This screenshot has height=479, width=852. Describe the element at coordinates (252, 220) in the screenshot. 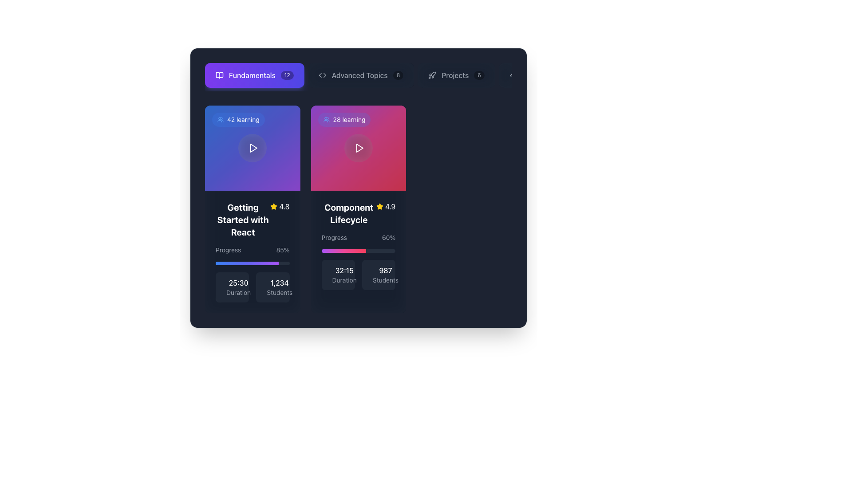

I see `the information displayed by the text section titled 'Getting Started with React', which includes a star icon and a rating value of 4.8, located in the first card of the 'Fundamentals' section` at that location.